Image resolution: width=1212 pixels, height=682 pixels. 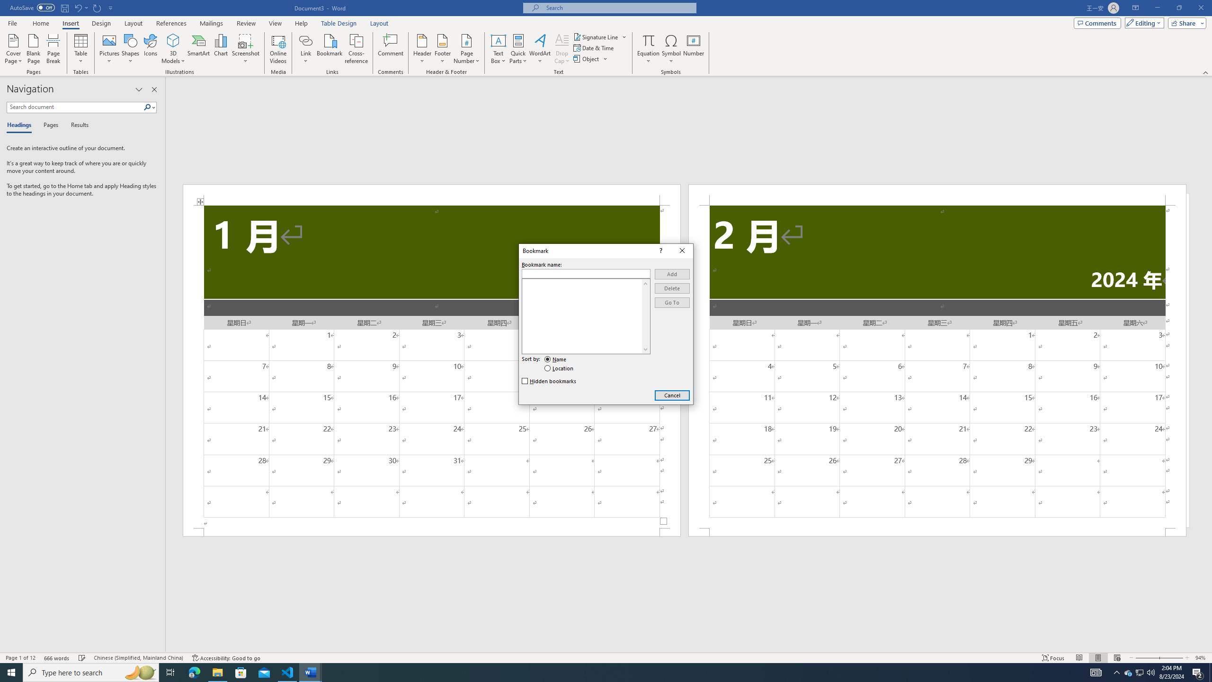 I want to click on 'Results', so click(x=76, y=125).